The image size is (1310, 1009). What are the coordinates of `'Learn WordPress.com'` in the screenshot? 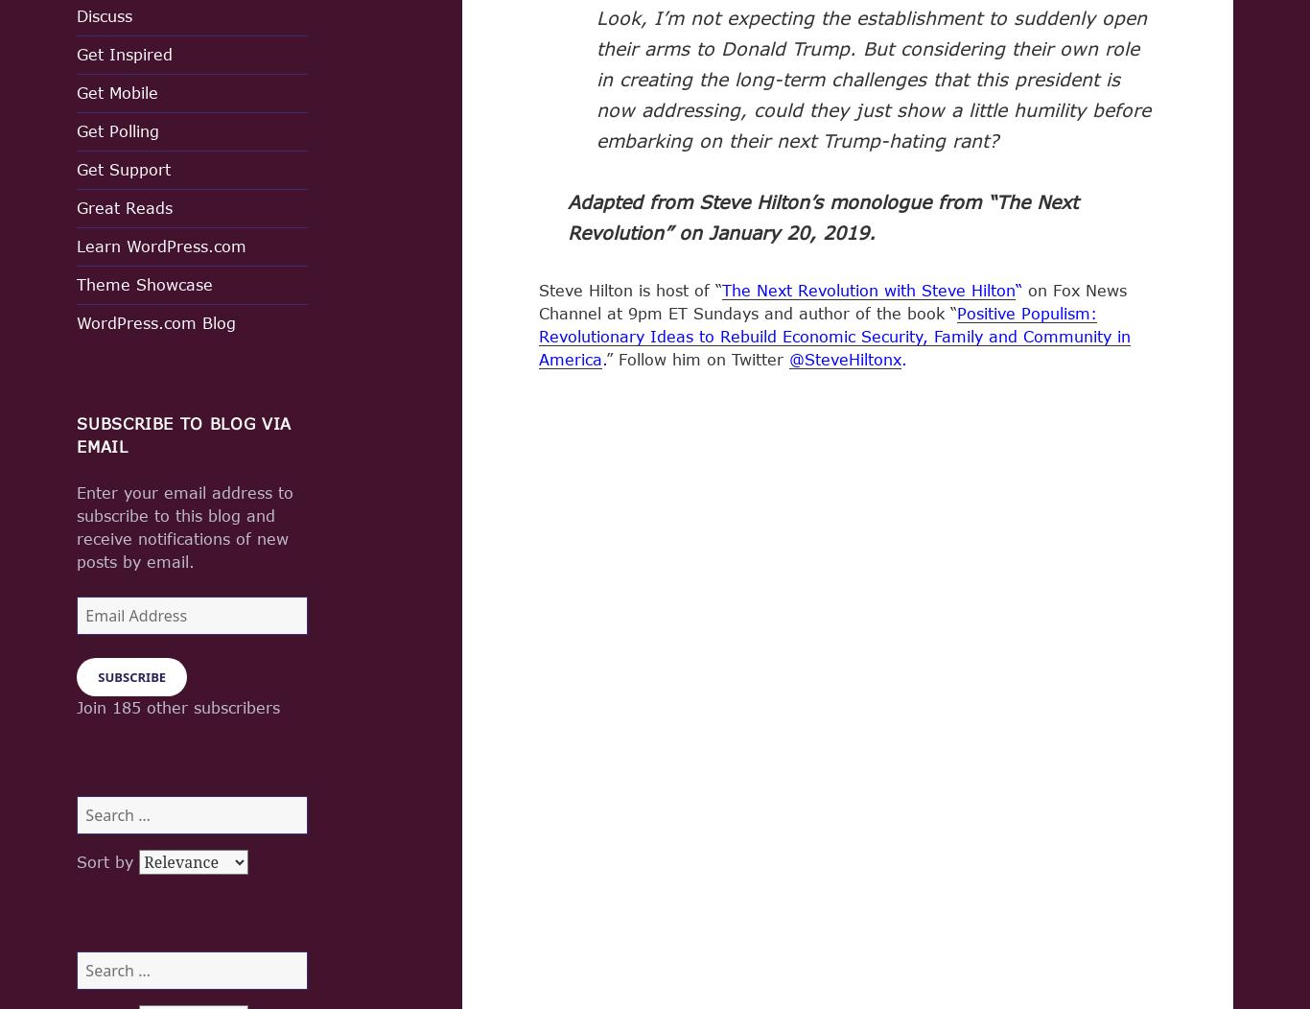 It's located at (160, 245).